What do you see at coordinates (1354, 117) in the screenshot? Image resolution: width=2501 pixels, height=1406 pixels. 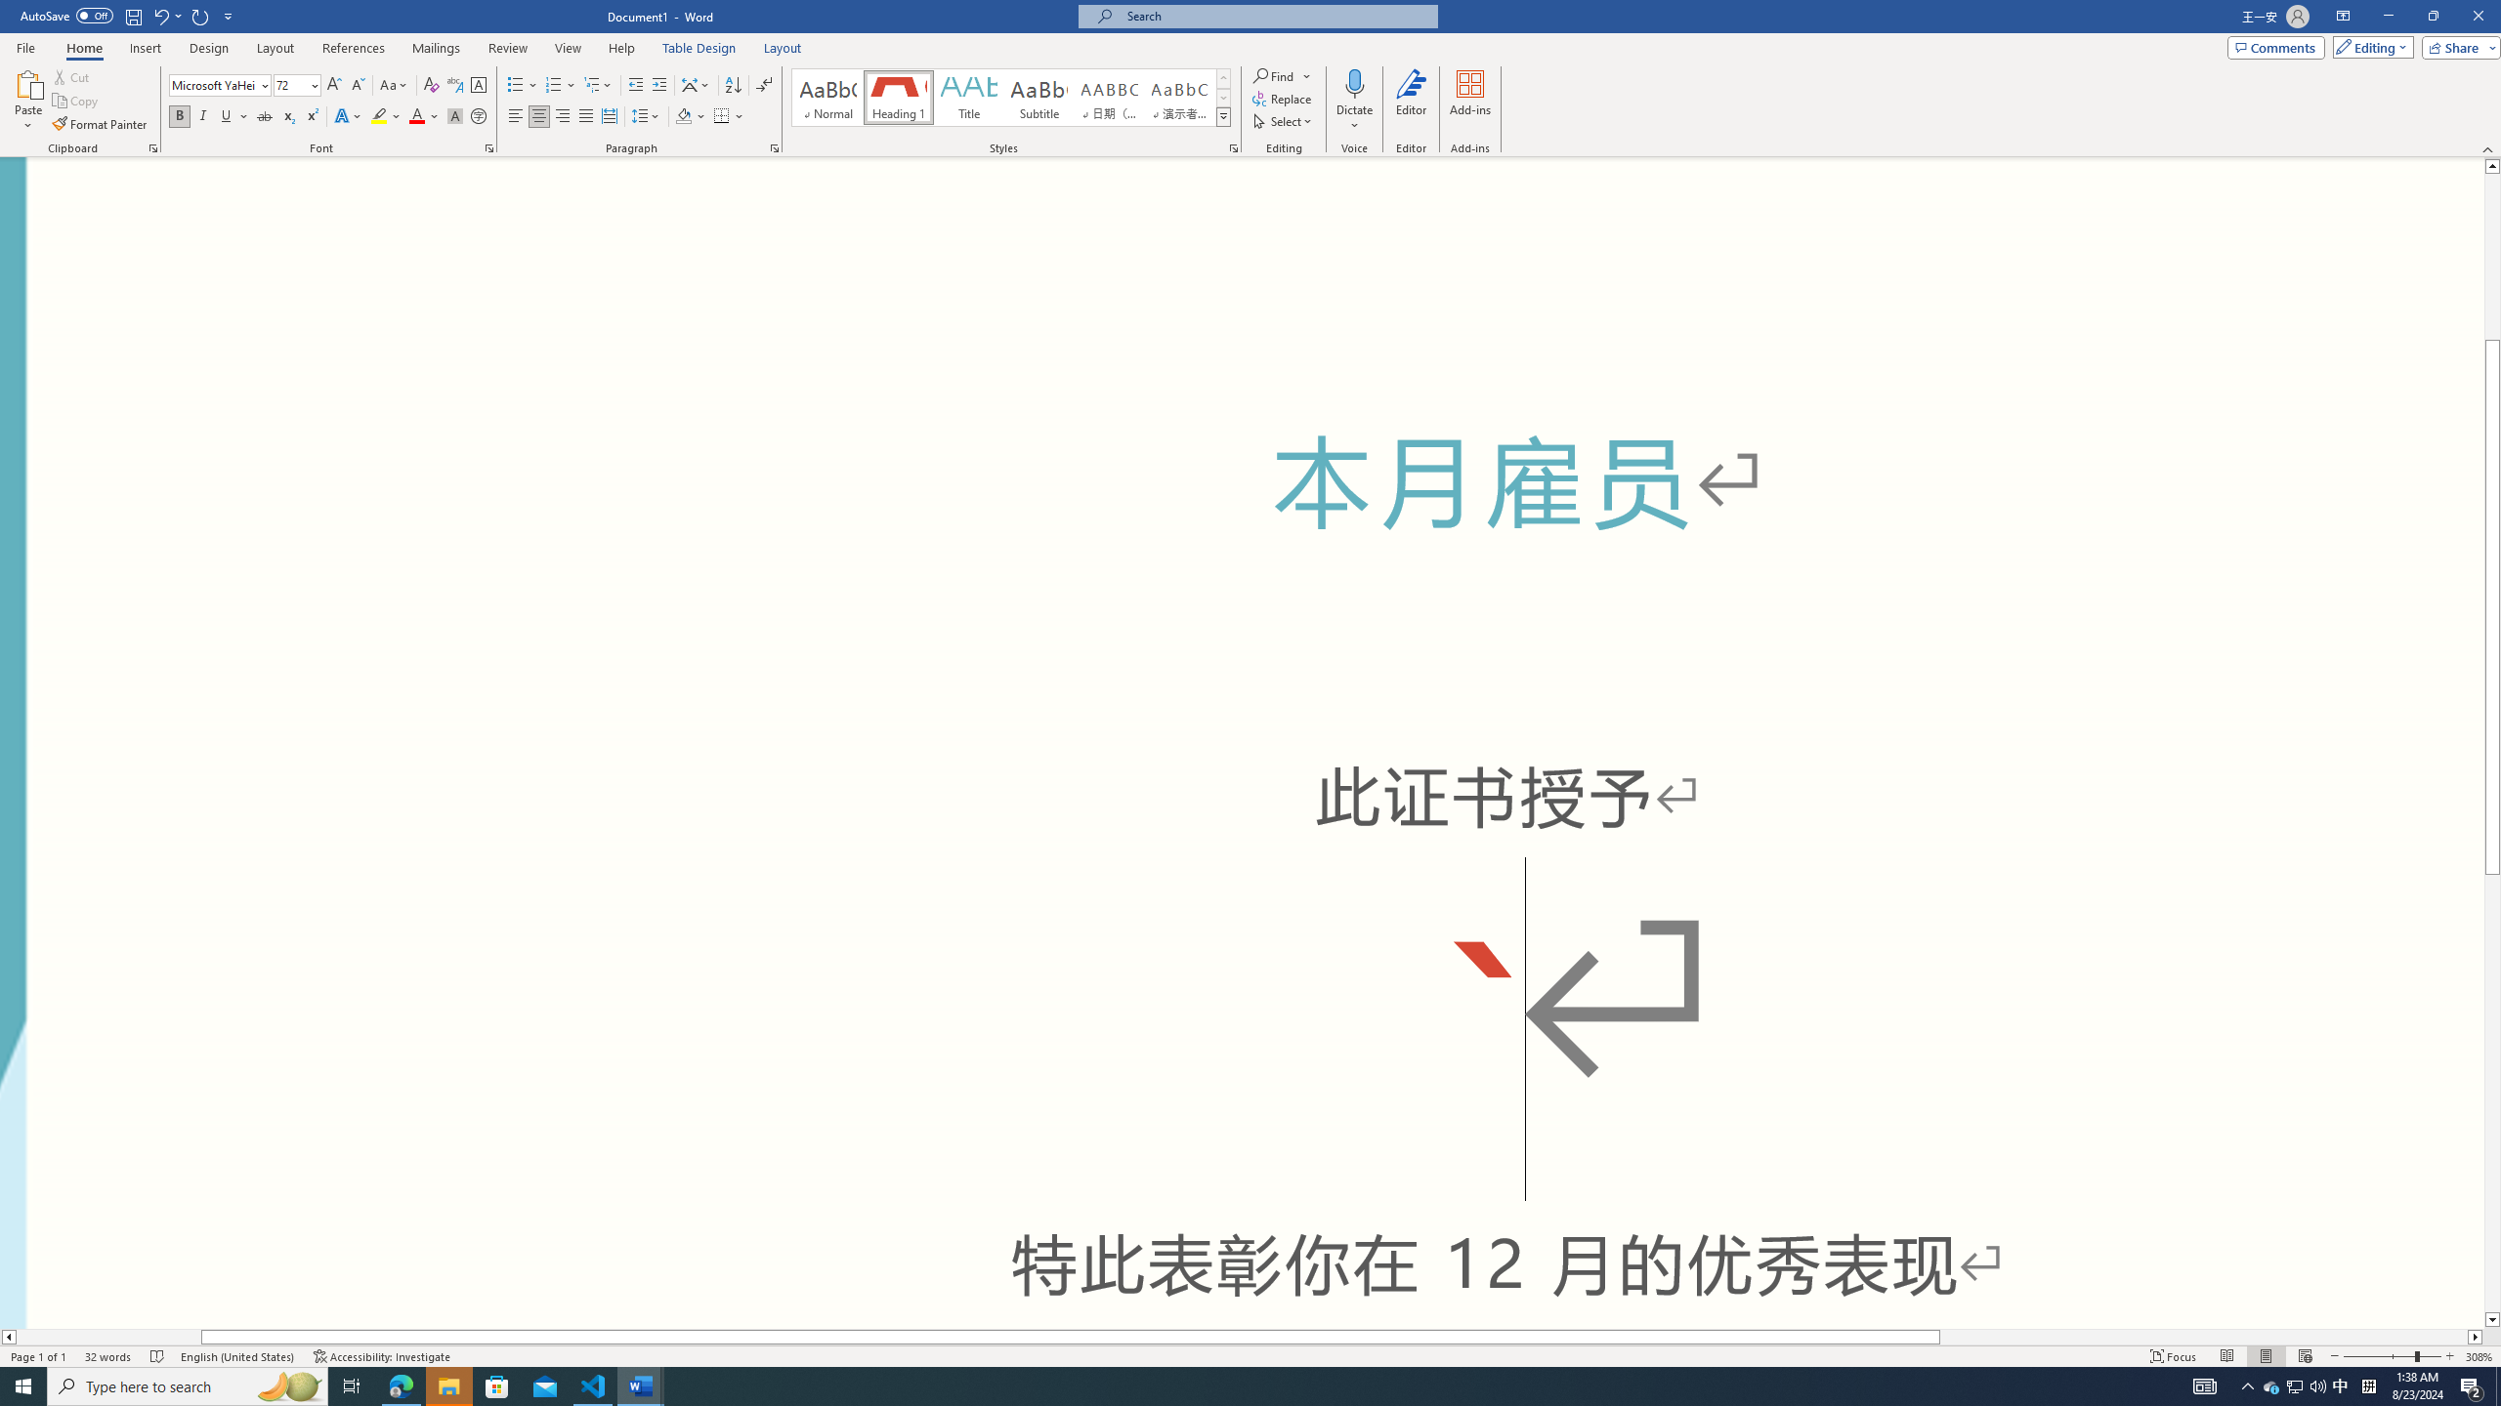 I see `'More Options'` at bounding box center [1354, 117].